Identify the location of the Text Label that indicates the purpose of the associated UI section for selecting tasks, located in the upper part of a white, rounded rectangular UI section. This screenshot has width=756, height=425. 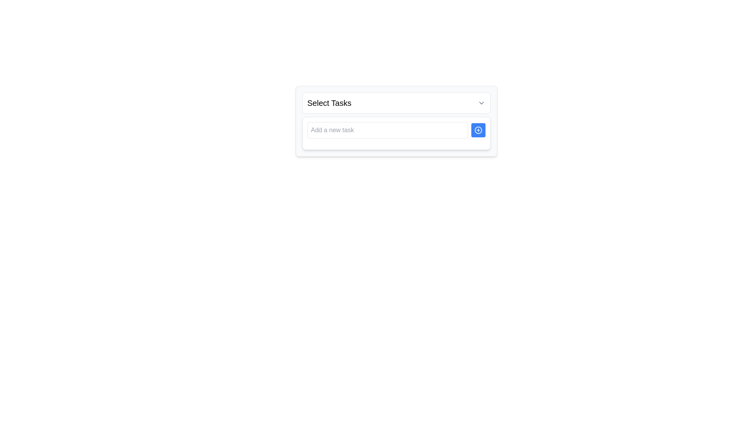
(329, 103).